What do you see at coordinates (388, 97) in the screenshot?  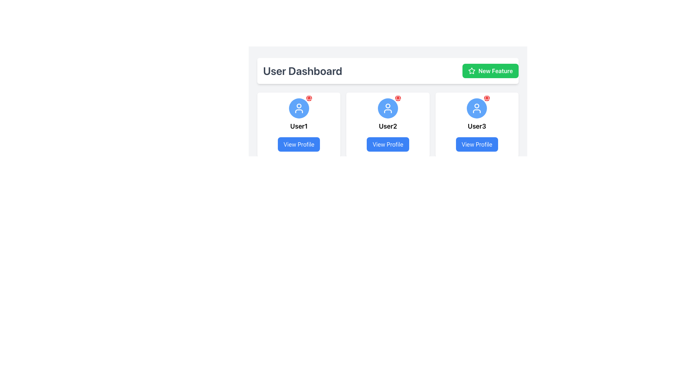 I see `the user profile card located in the second column of the grid layout below the 'User Dashboard' header and the 'New Feature' button for accessibility purposes` at bounding box center [388, 97].